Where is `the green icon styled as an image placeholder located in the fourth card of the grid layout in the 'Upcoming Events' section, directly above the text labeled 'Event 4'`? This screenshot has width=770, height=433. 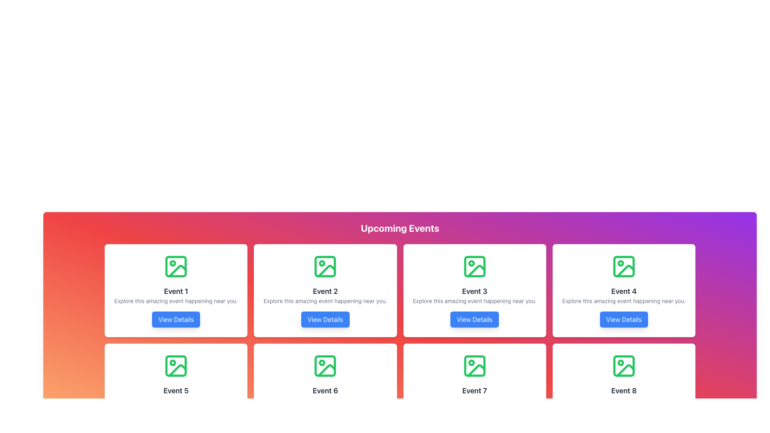
the green icon styled as an image placeholder located in the fourth card of the grid layout in the 'Upcoming Events' section, directly above the text labeled 'Event 4' is located at coordinates (623, 266).